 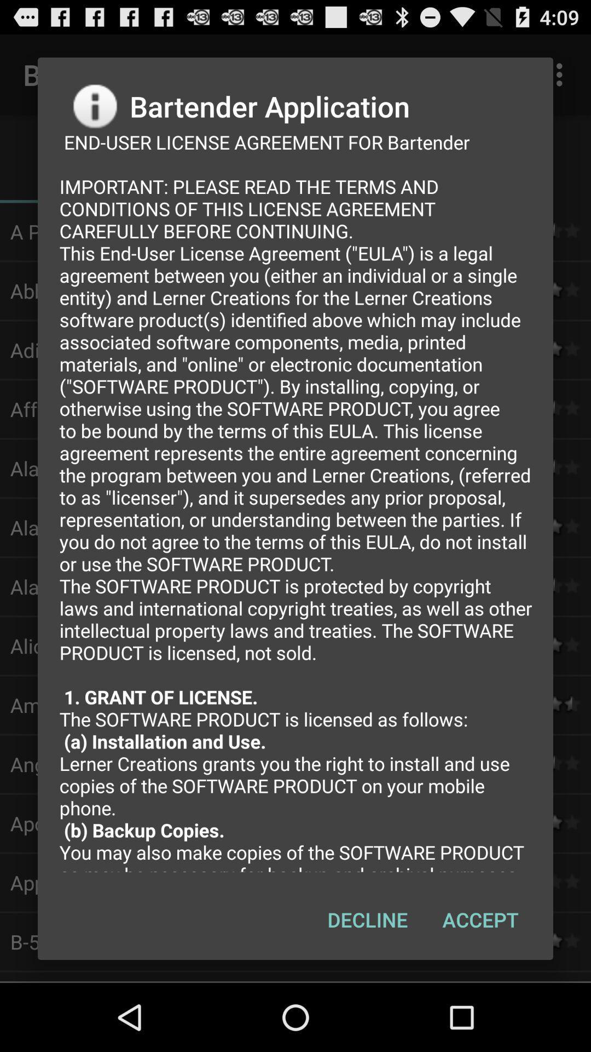 What do you see at coordinates (480, 919) in the screenshot?
I see `the item below the end user license` at bounding box center [480, 919].